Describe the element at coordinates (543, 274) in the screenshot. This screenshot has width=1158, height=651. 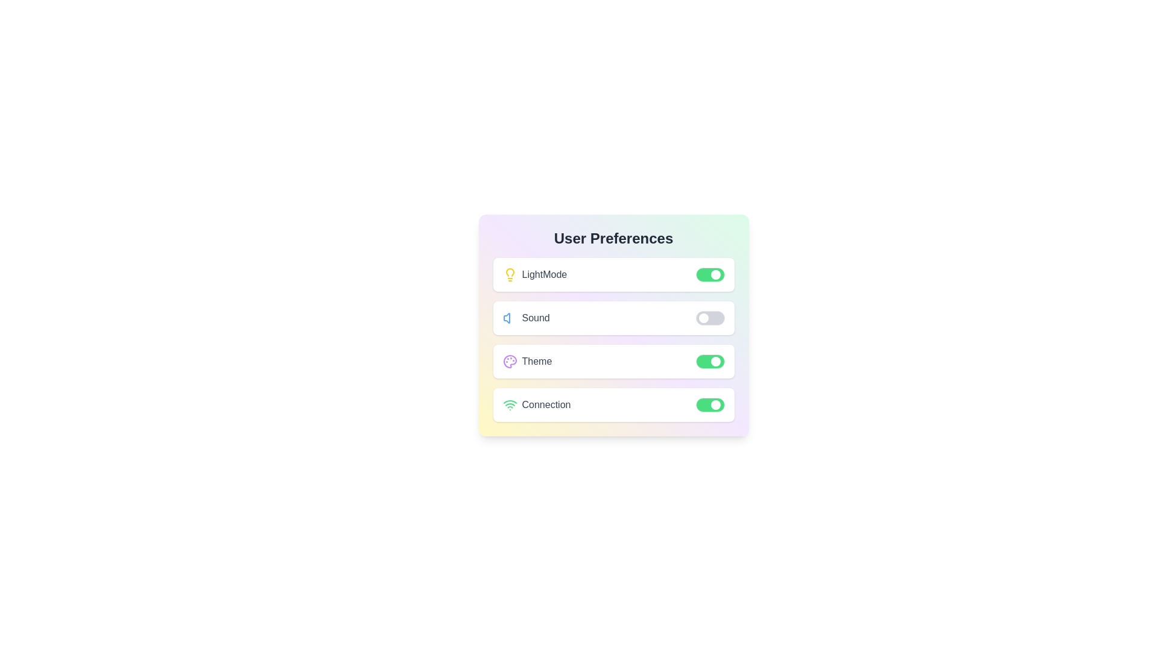
I see `static text label displaying 'lightMode', which is positioned between a lightbulb icon and a toggle switch in the user preferences panel` at that location.